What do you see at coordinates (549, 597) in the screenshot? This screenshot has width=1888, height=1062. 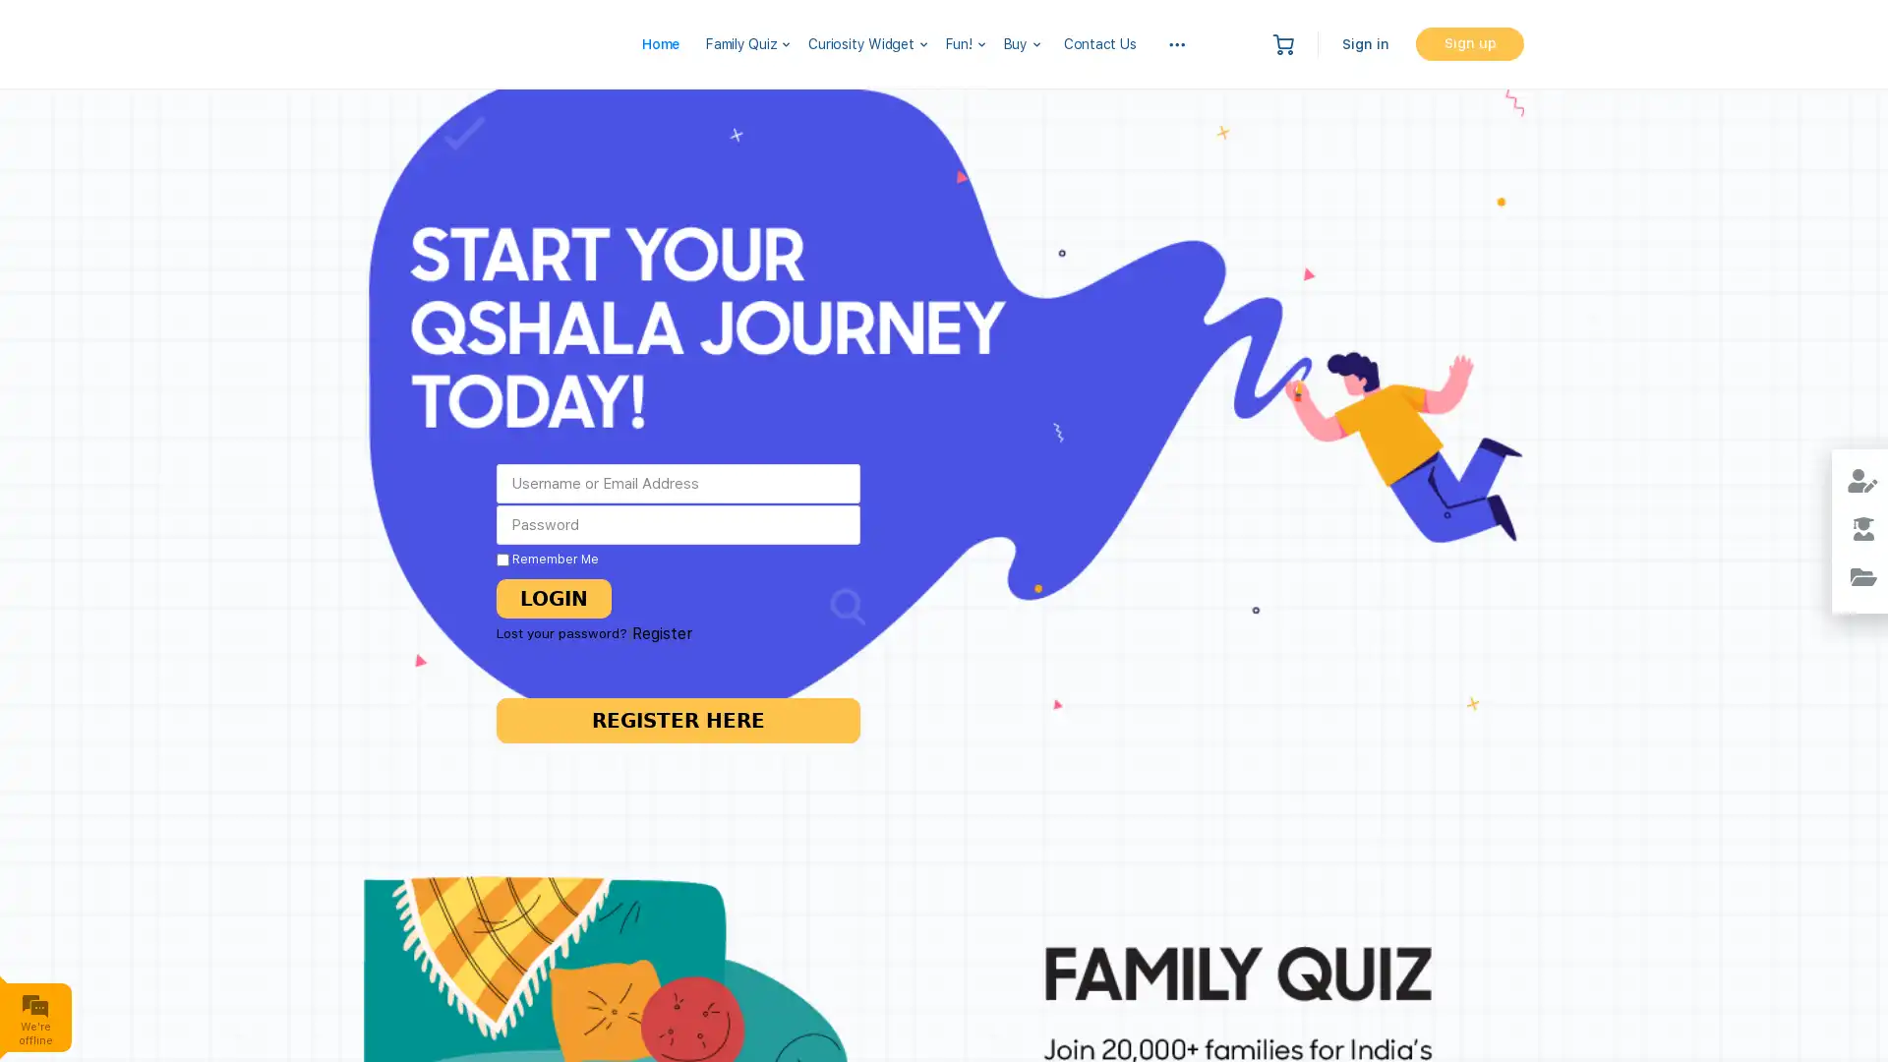 I see `LOGIN` at bounding box center [549, 597].